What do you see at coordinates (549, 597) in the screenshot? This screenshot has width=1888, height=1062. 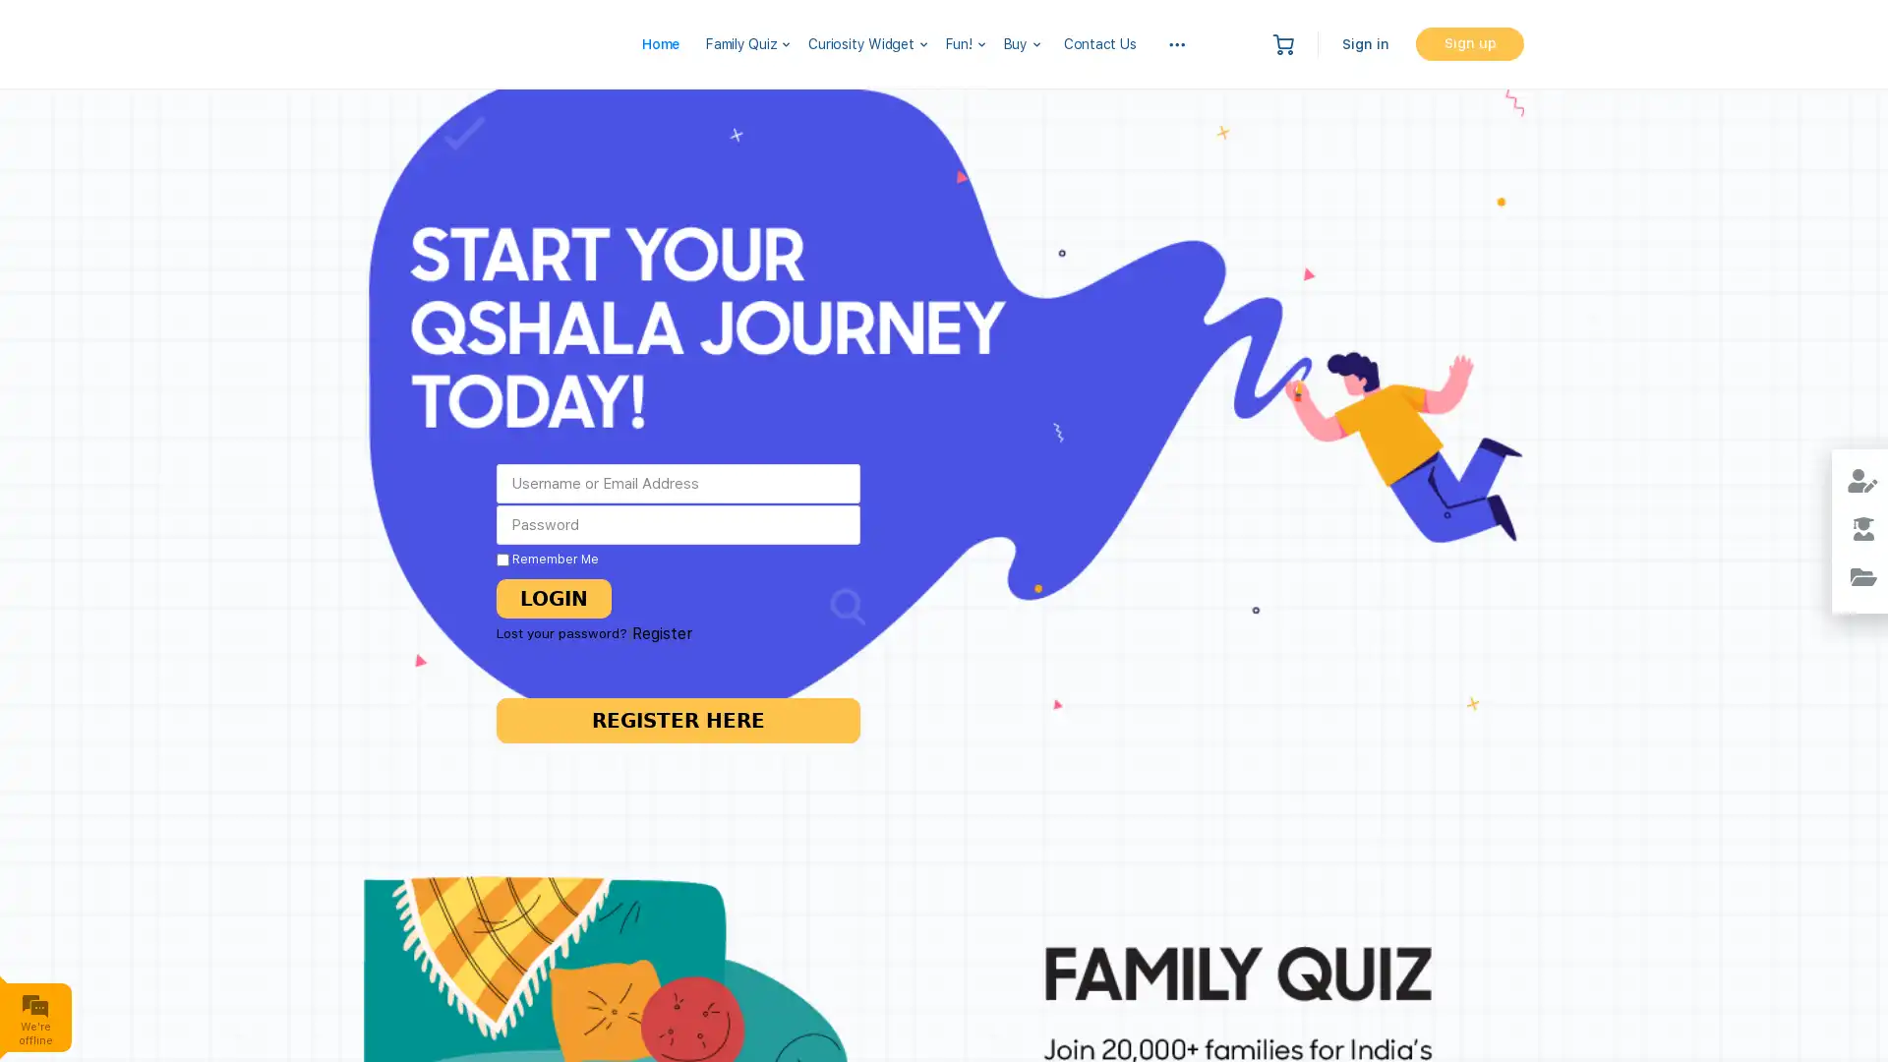 I see `LOGIN` at bounding box center [549, 597].